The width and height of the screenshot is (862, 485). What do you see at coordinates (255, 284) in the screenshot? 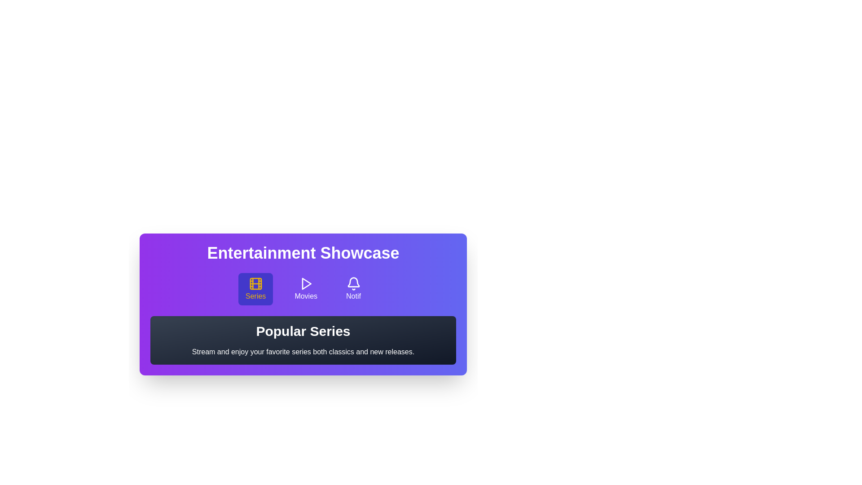
I see `small rounded rectangle element that resembles part of a film strip icon for debugging purposes` at bounding box center [255, 284].